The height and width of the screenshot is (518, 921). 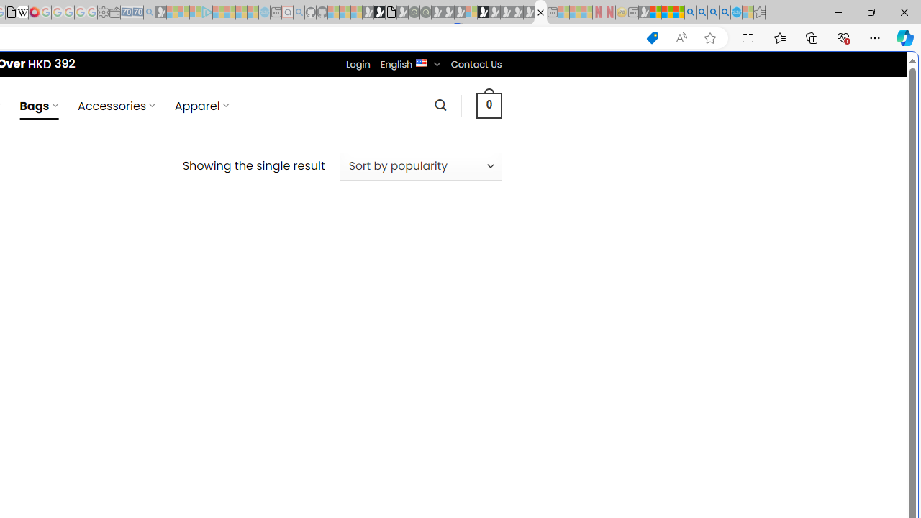 What do you see at coordinates (102, 12) in the screenshot?
I see `'Settings - Sleeping'` at bounding box center [102, 12].